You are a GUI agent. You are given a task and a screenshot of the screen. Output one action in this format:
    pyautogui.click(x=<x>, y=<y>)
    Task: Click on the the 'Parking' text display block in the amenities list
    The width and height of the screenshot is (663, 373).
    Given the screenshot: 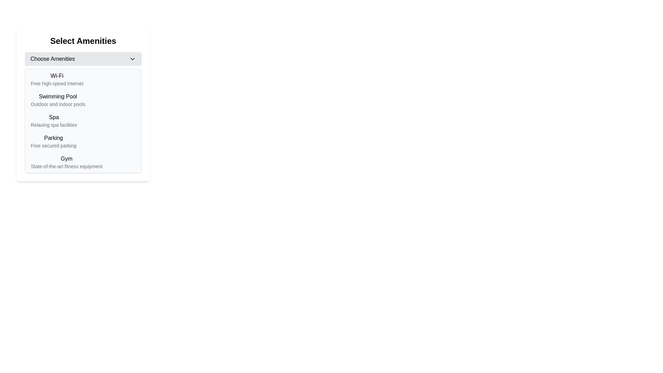 What is the action you would take?
    pyautogui.click(x=53, y=141)
    